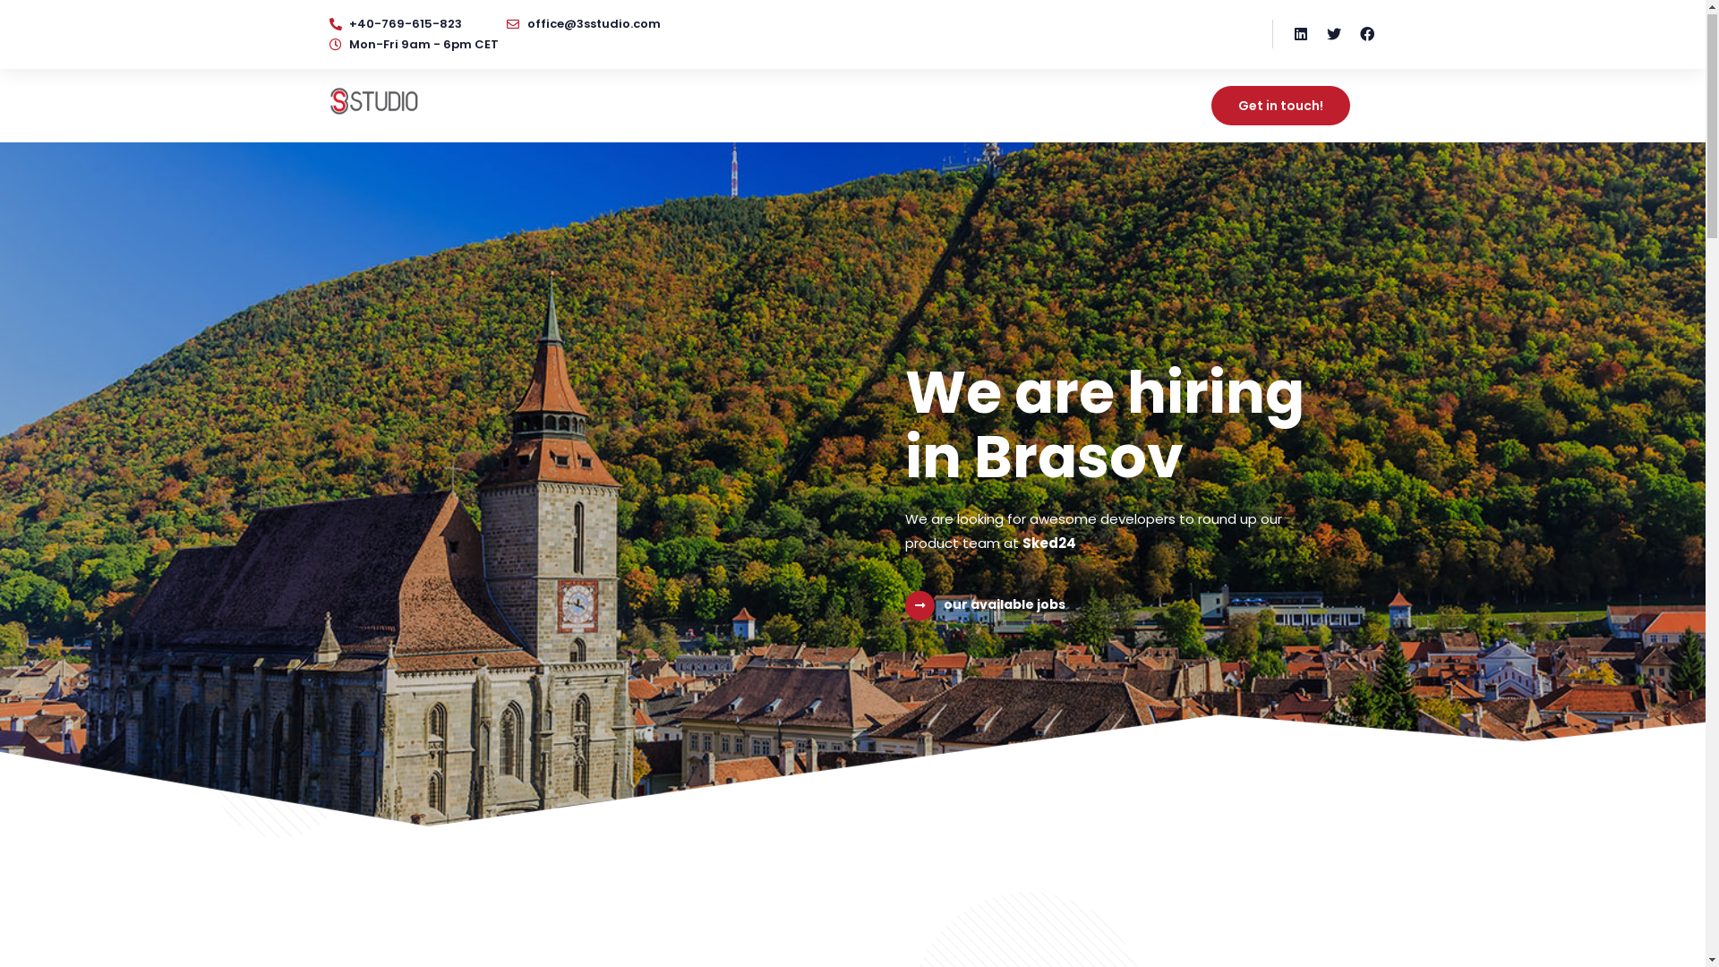 The image size is (1719, 967). I want to click on 'office@3sstudio.com', so click(584, 29).